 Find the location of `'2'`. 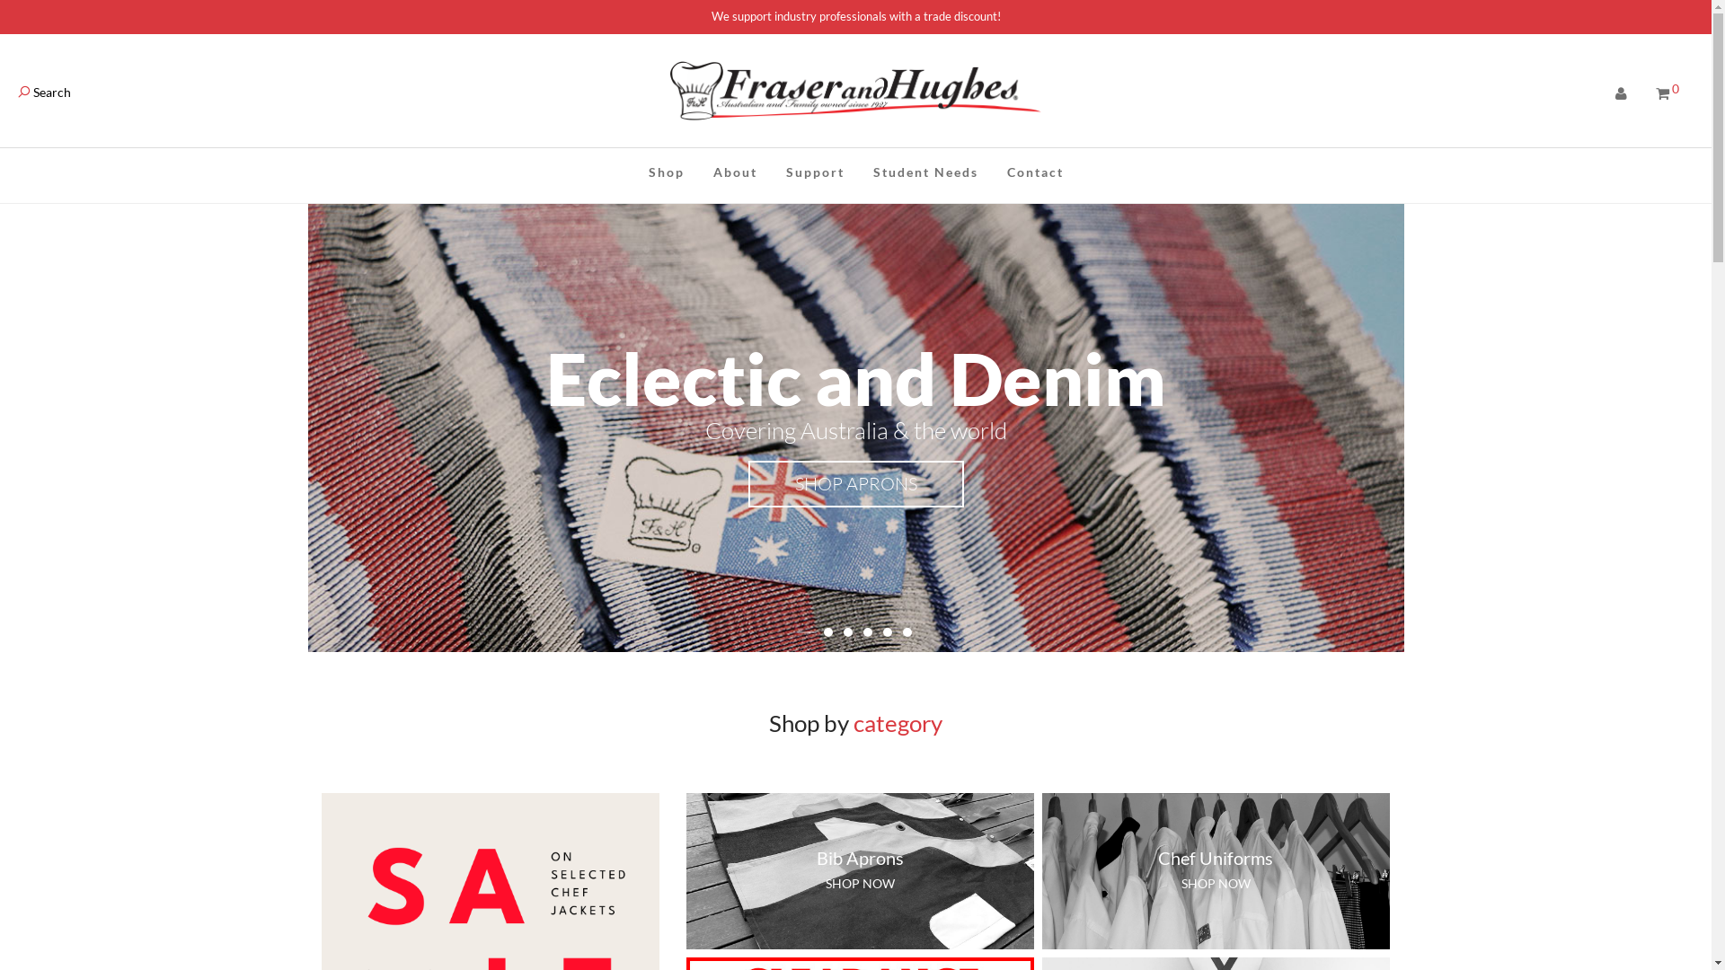

'2' is located at coordinates (827, 631).